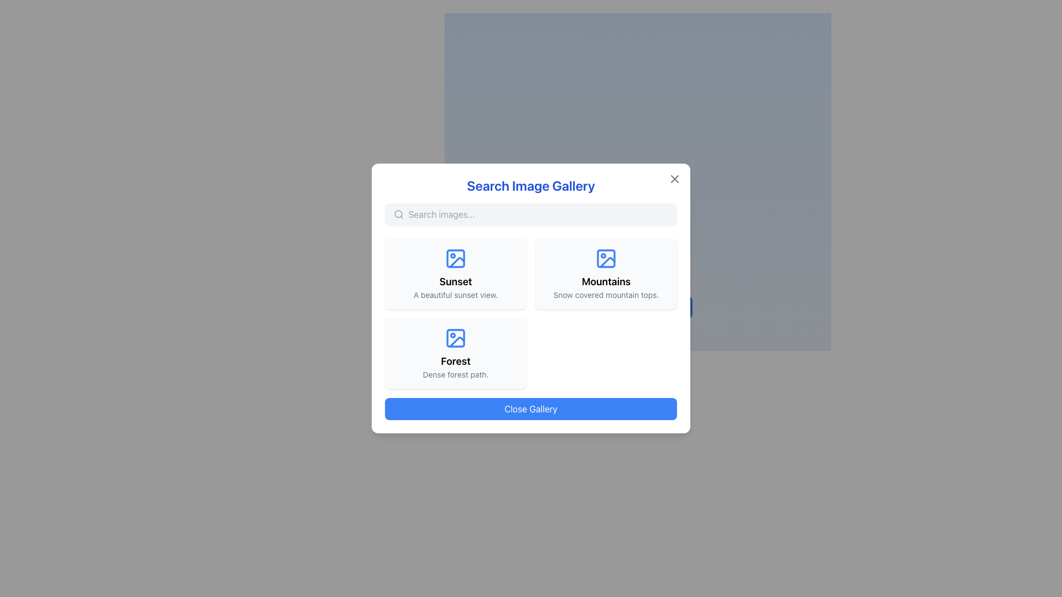 Image resolution: width=1062 pixels, height=597 pixels. What do you see at coordinates (456, 294) in the screenshot?
I see `the text block that describes 'A beautiful sunset view.' which is styled in gray color and smaller font size, positioned below the title 'Sunset'` at bounding box center [456, 294].